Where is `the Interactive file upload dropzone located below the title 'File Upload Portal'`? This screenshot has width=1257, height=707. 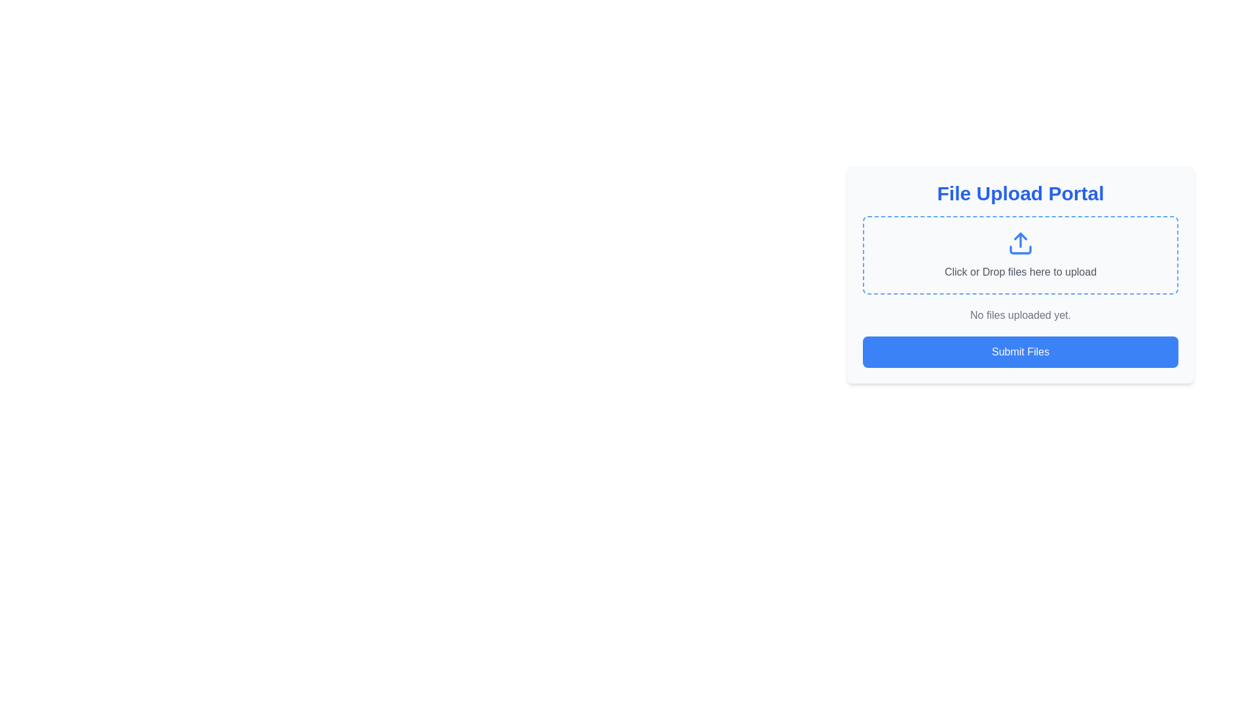 the Interactive file upload dropzone located below the title 'File Upload Portal' is located at coordinates (1020, 255).